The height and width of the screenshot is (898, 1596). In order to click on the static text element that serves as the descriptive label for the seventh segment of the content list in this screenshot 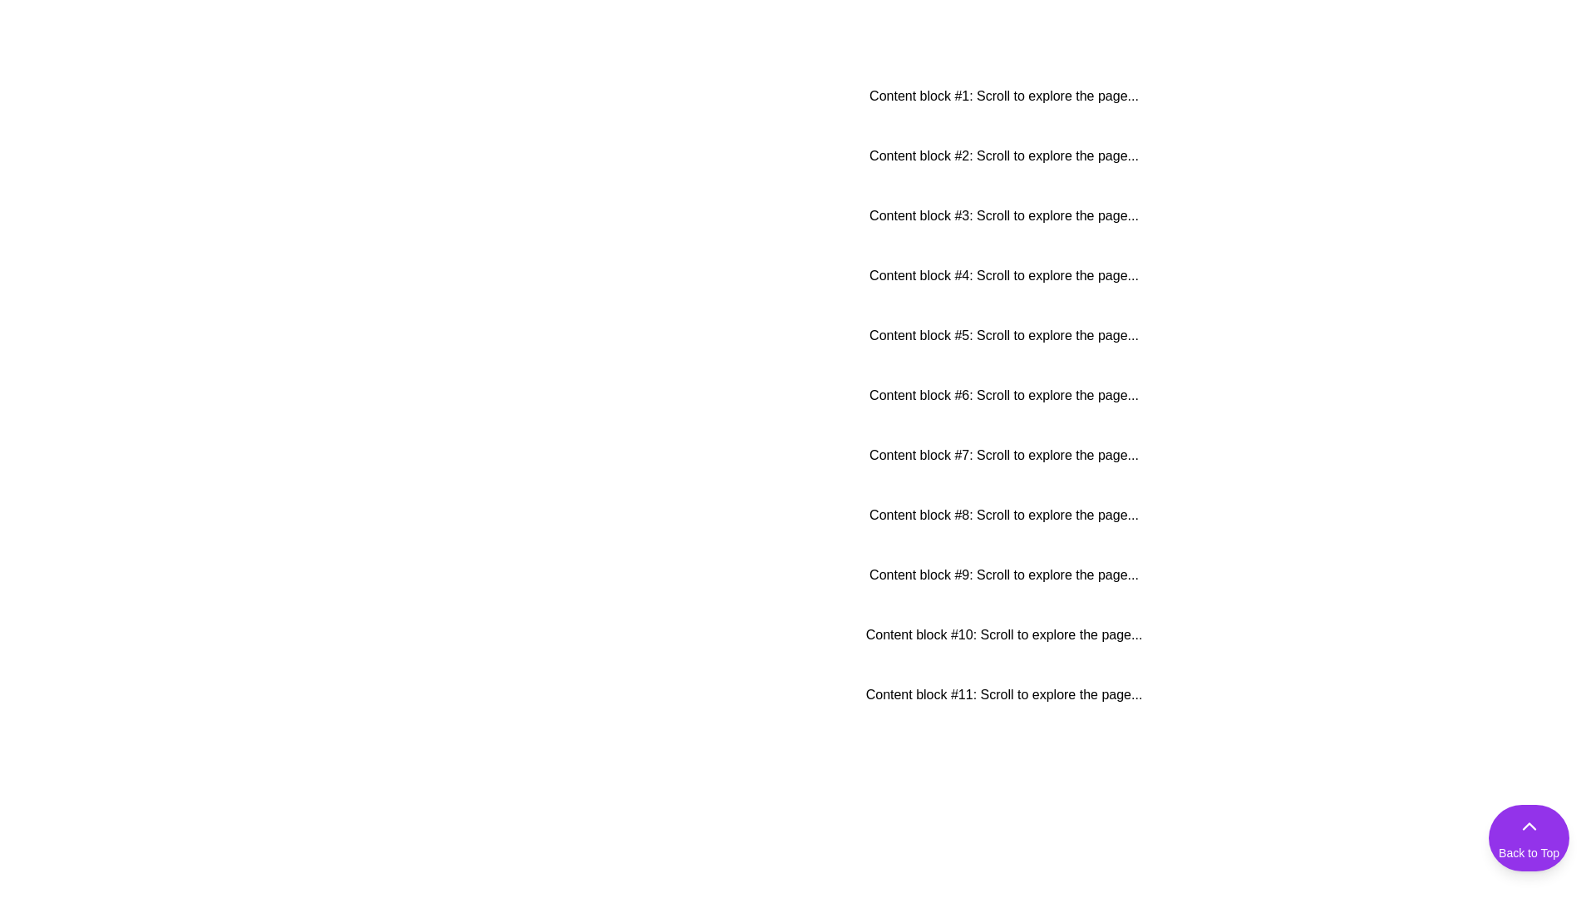, I will do `click(1003, 455)`.